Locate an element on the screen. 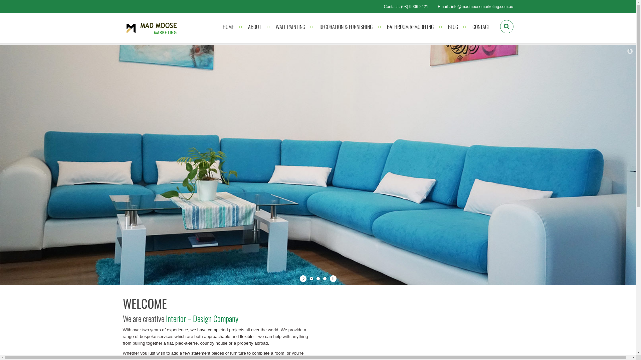  'HOME' is located at coordinates (216, 26).